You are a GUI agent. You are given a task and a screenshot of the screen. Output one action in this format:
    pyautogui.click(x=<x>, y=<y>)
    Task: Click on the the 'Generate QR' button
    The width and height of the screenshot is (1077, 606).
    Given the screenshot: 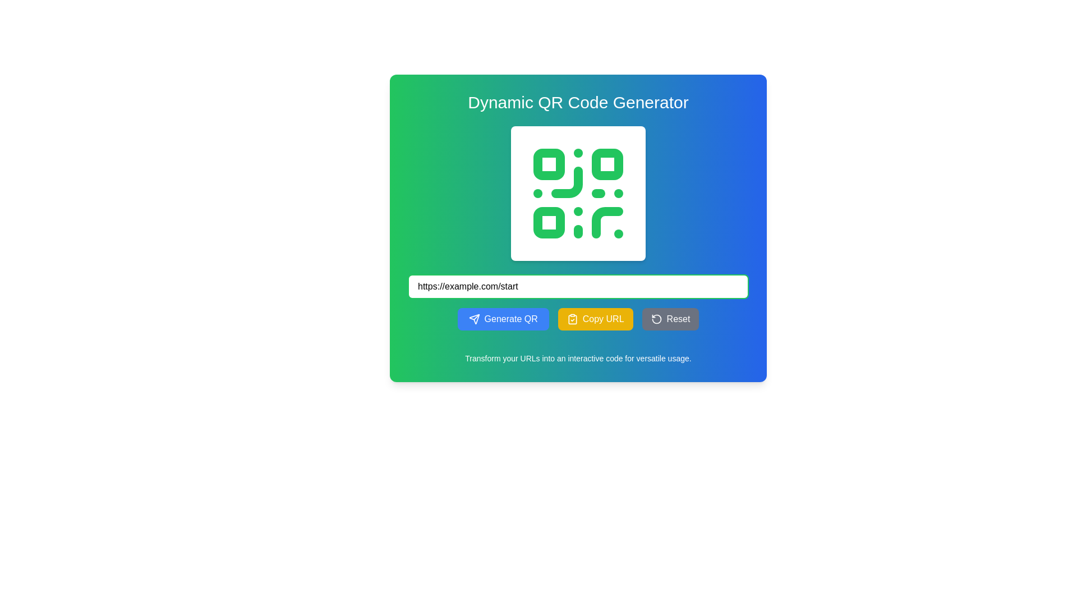 What is the action you would take?
    pyautogui.click(x=474, y=319)
    